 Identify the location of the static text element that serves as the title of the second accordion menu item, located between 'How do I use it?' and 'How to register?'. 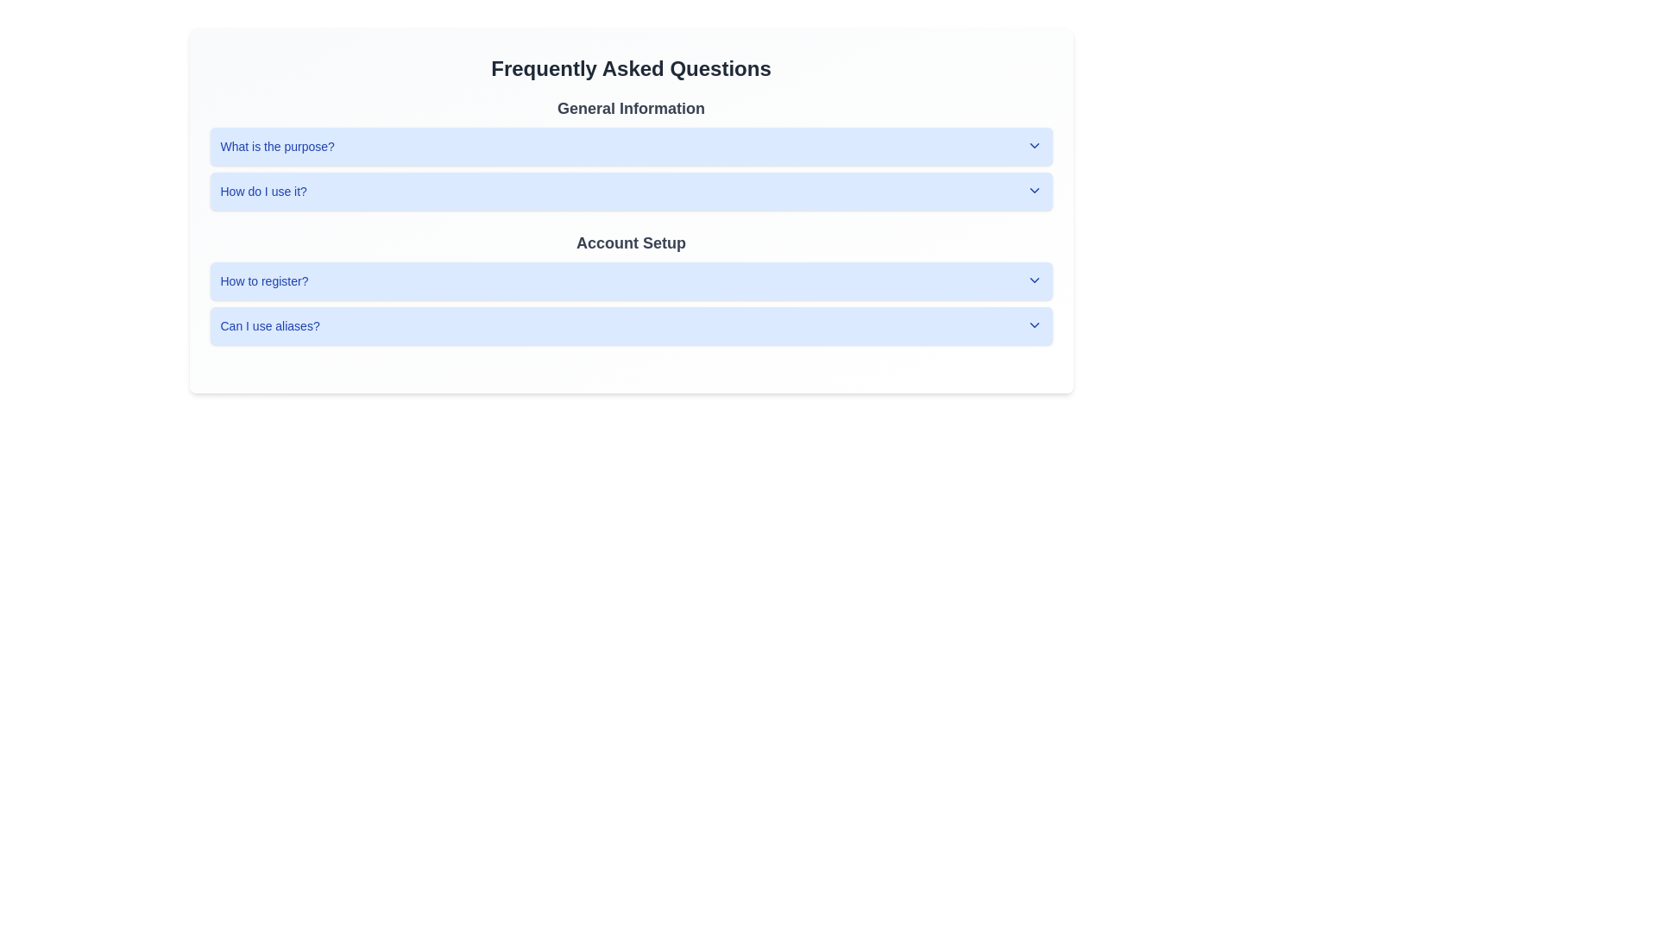
(630, 242).